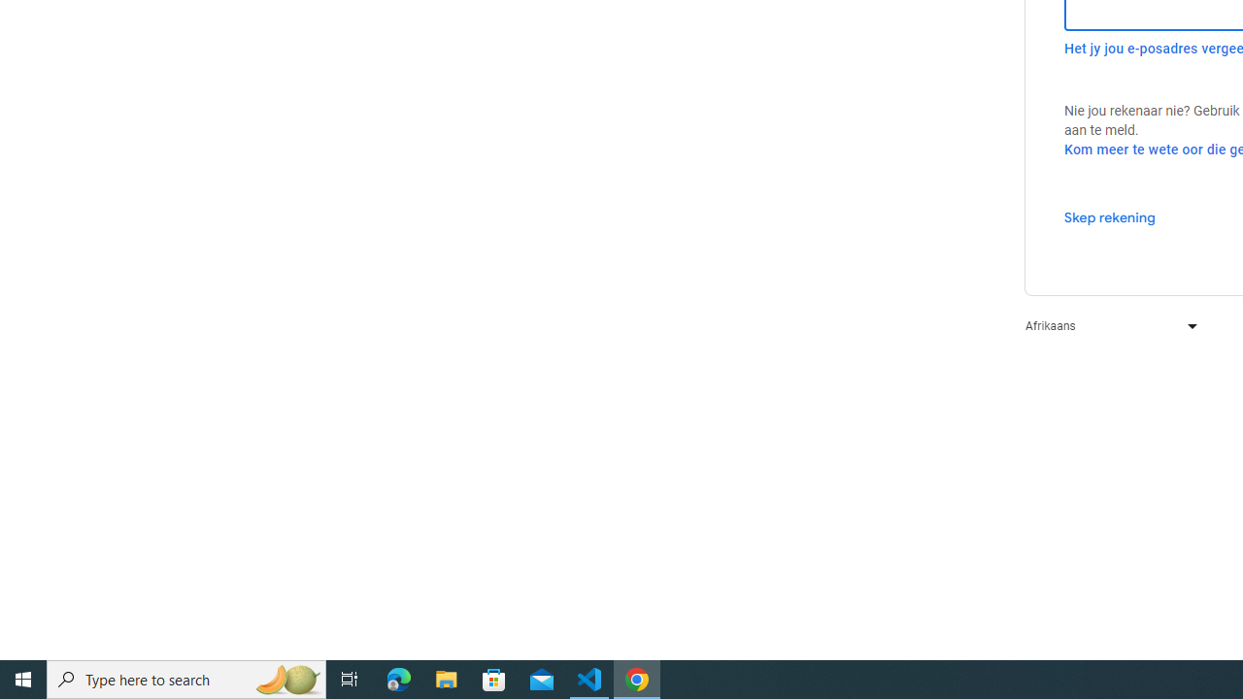  What do you see at coordinates (1109, 216) in the screenshot?
I see `'Skep rekening'` at bounding box center [1109, 216].